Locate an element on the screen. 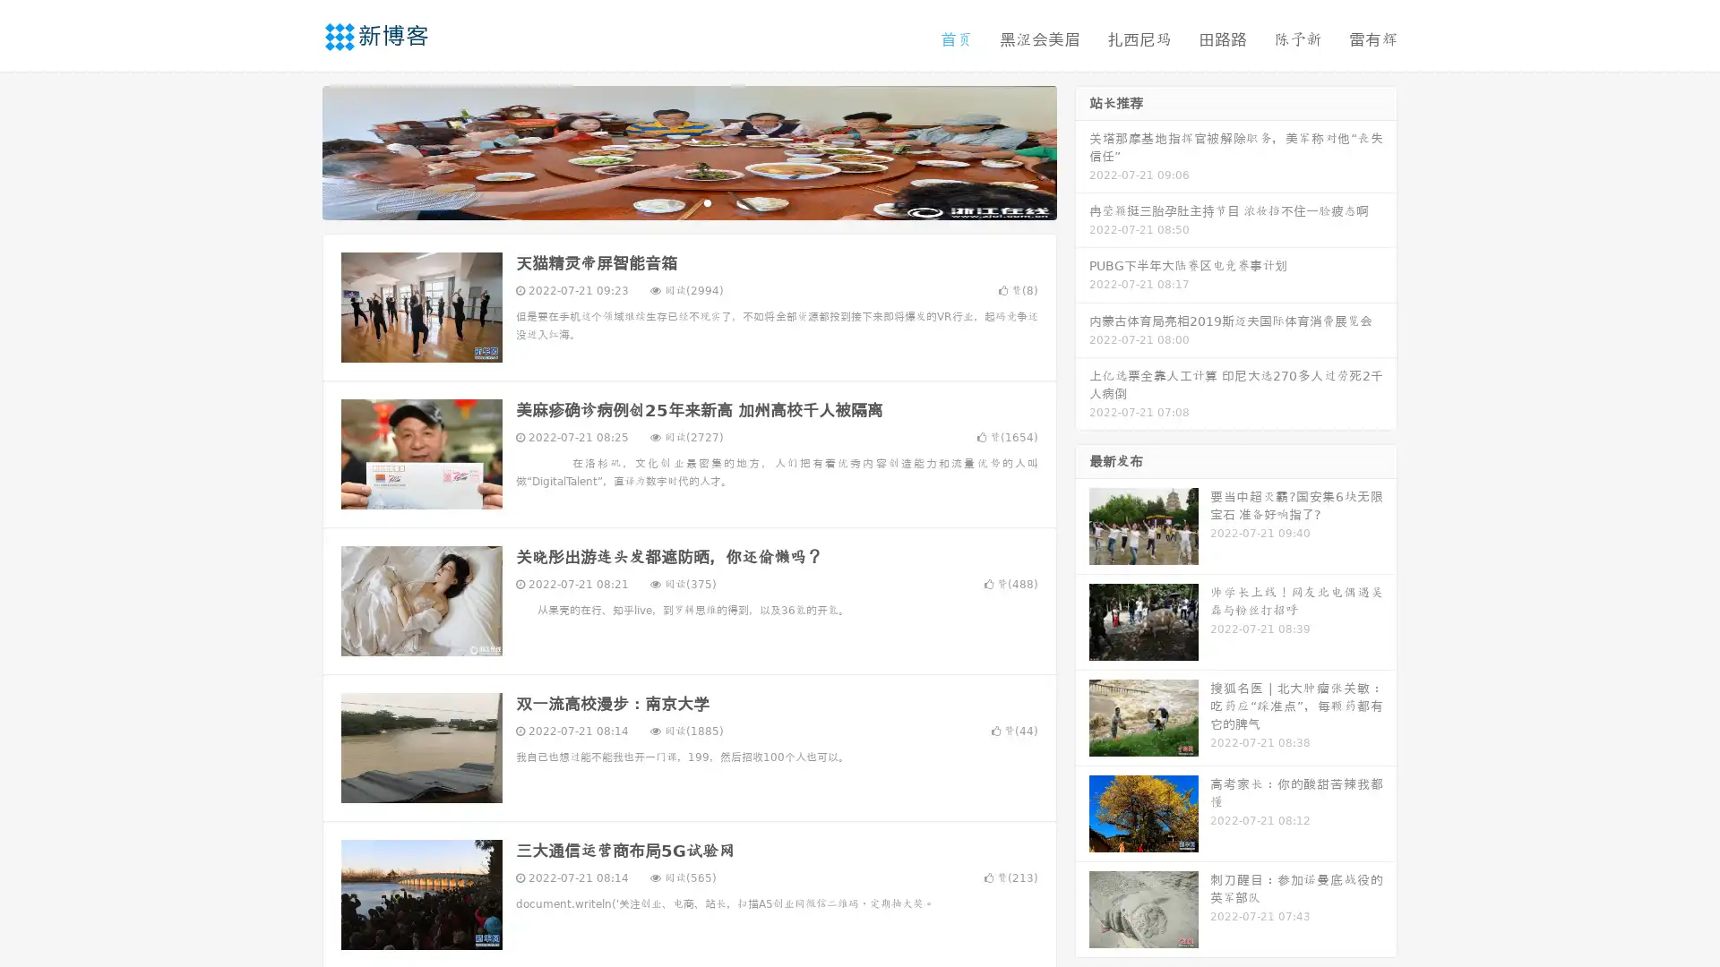 The image size is (1720, 967). Go to slide 1 is located at coordinates (670, 201).